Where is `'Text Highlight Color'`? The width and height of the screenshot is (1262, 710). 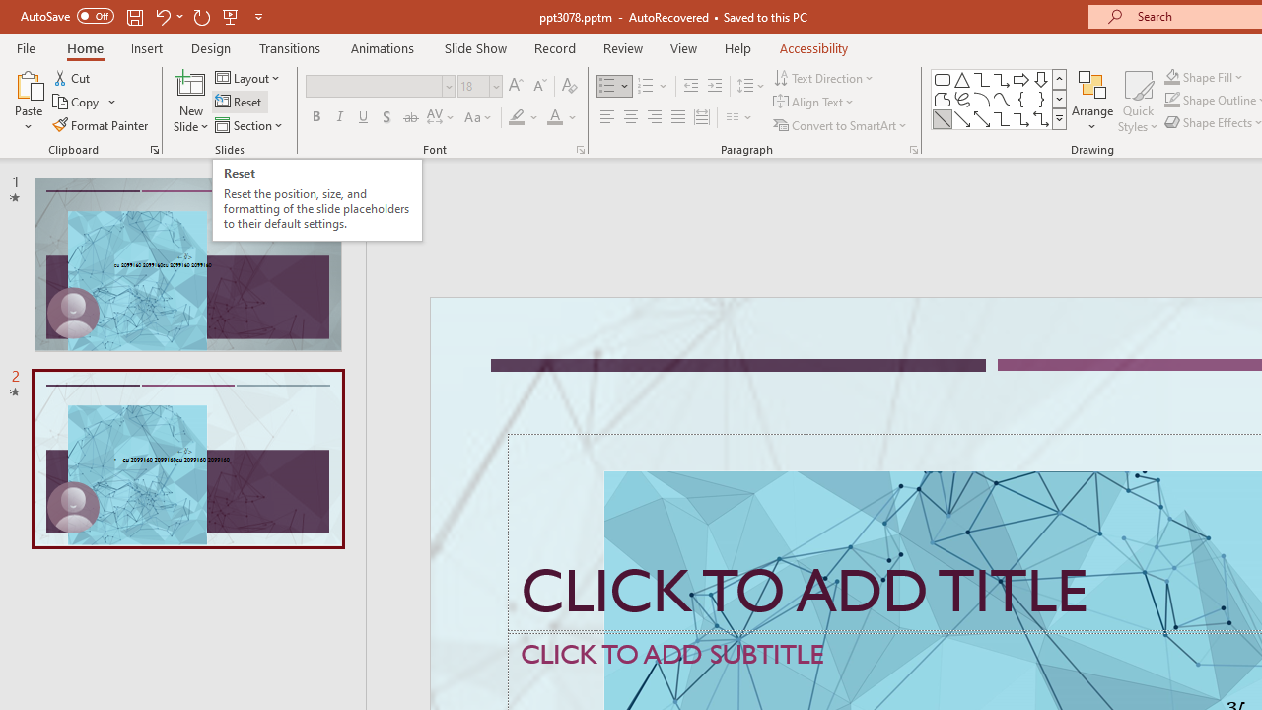
'Text Highlight Color' is located at coordinates (524, 117).